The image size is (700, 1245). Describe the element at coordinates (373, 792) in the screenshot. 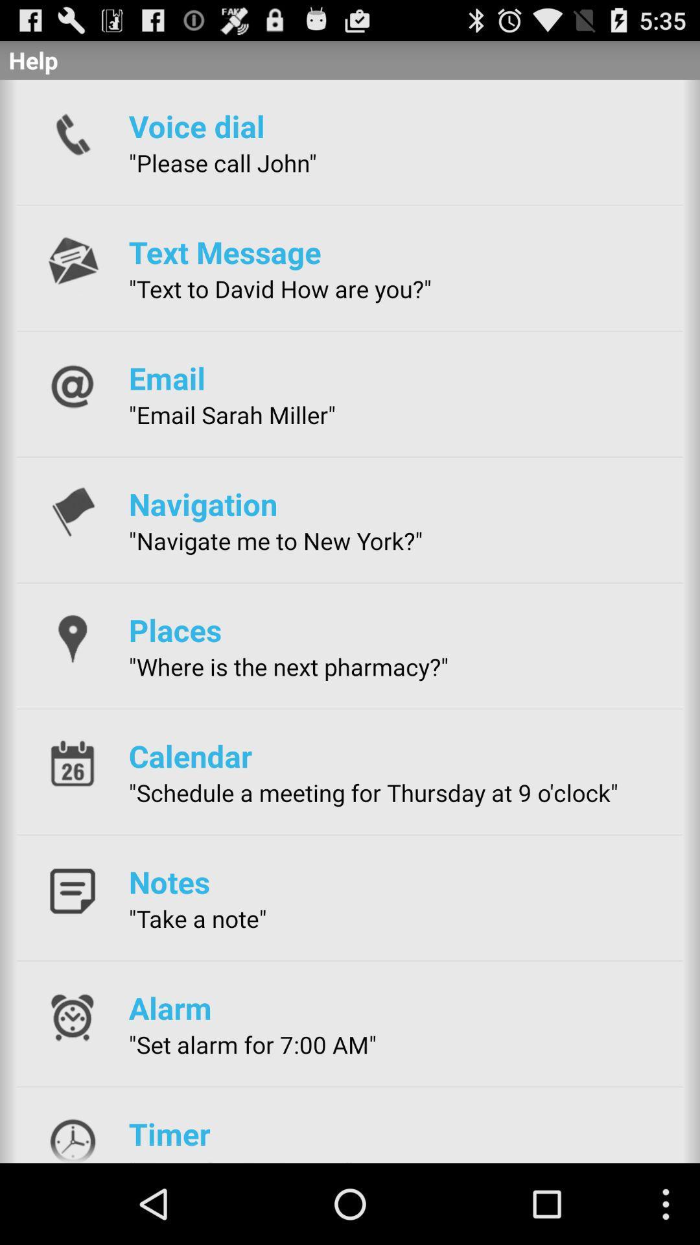

I see `the item above the notes` at that location.